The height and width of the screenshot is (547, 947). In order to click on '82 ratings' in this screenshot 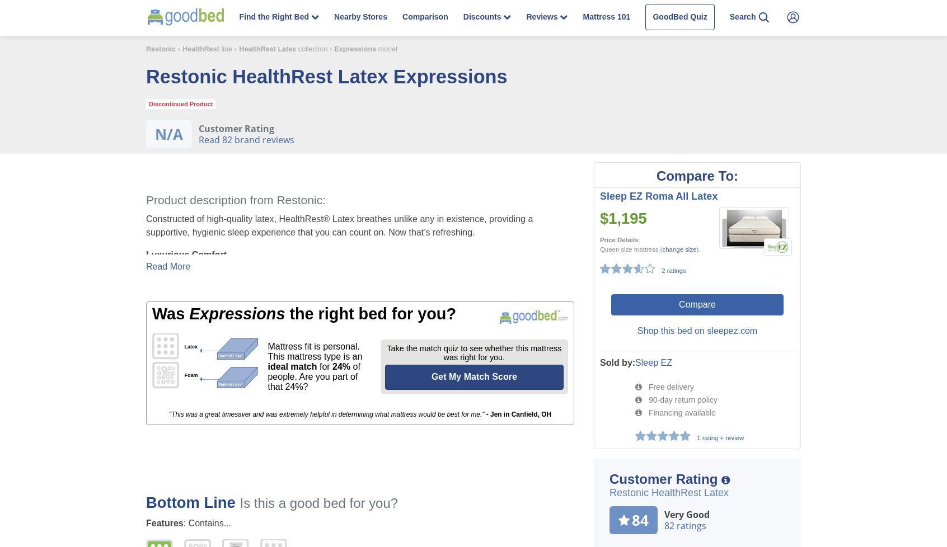, I will do `click(663, 524)`.